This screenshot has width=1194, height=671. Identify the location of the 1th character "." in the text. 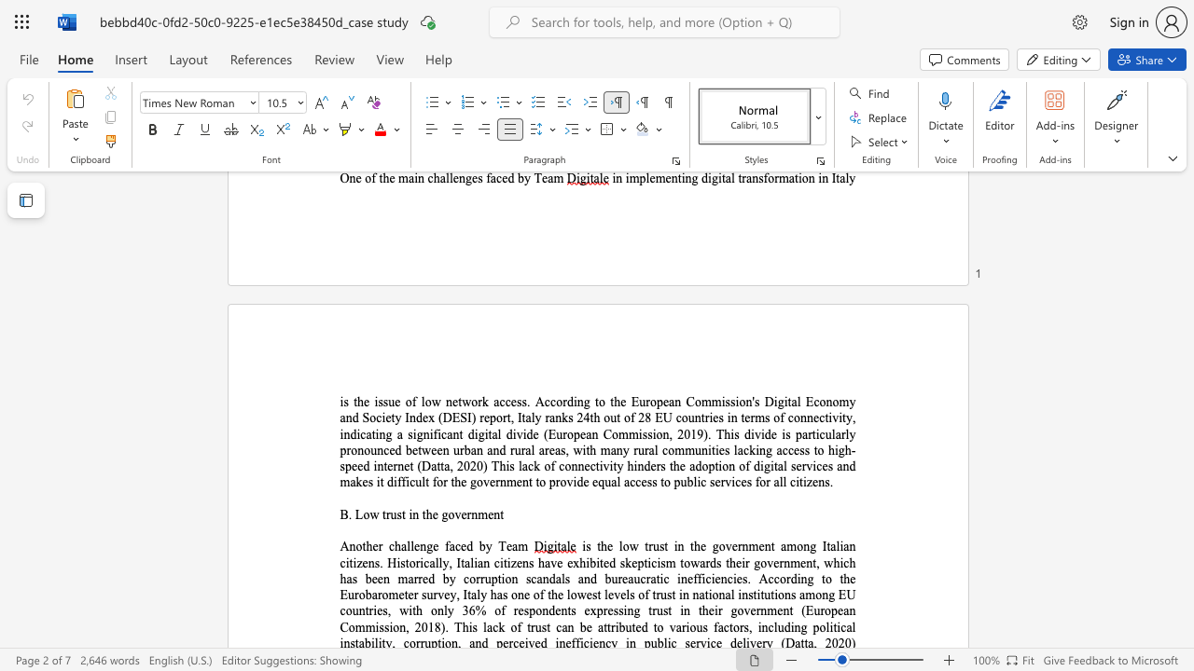
(350, 514).